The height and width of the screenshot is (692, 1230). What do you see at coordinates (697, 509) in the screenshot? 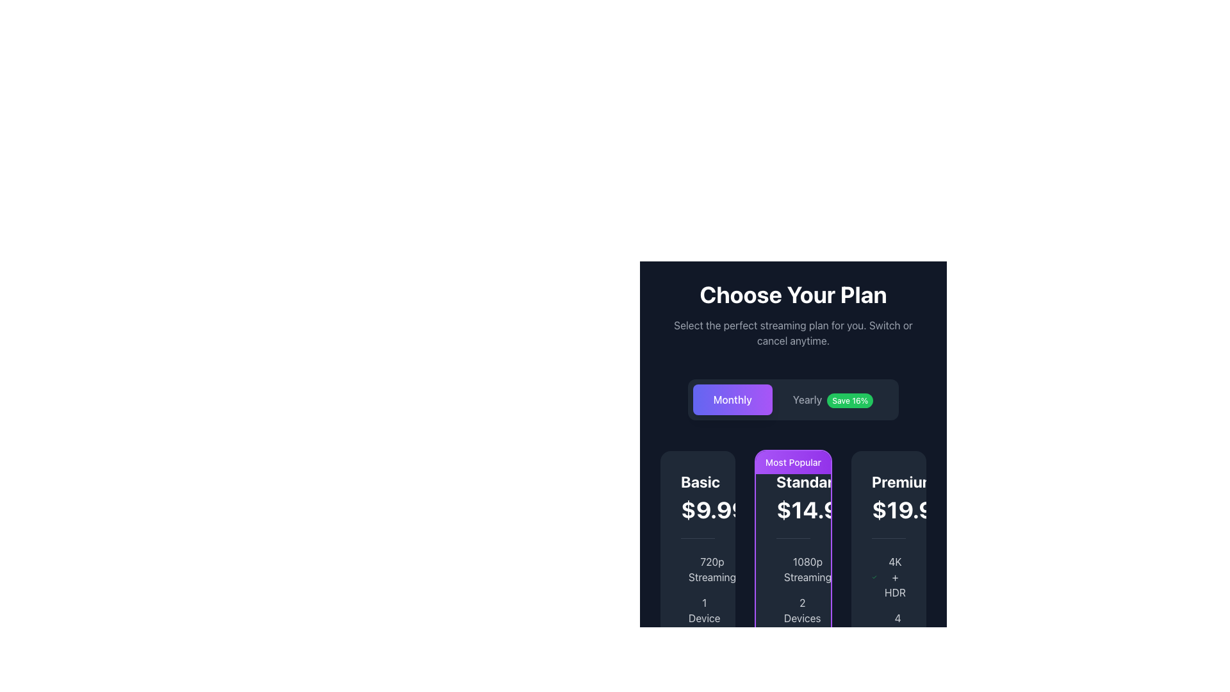
I see `the static text element displaying the price '$9.99/mo' located in the 'Basic' pricing plan card, which features bolded white text for '$9.99' and smaller gray text for '/mo'` at bounding box center [697, 509].